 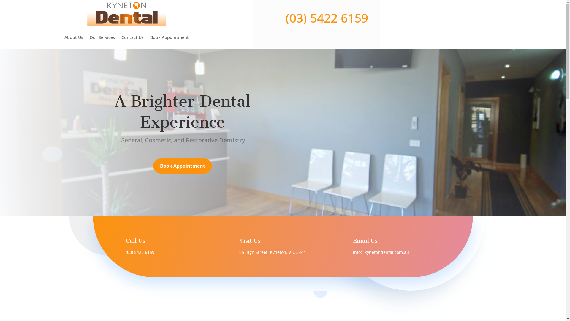 What do you see at coordinates (102, 37) in the screenshot?
I see `'Our Services'` at bounding box center [102, 37].